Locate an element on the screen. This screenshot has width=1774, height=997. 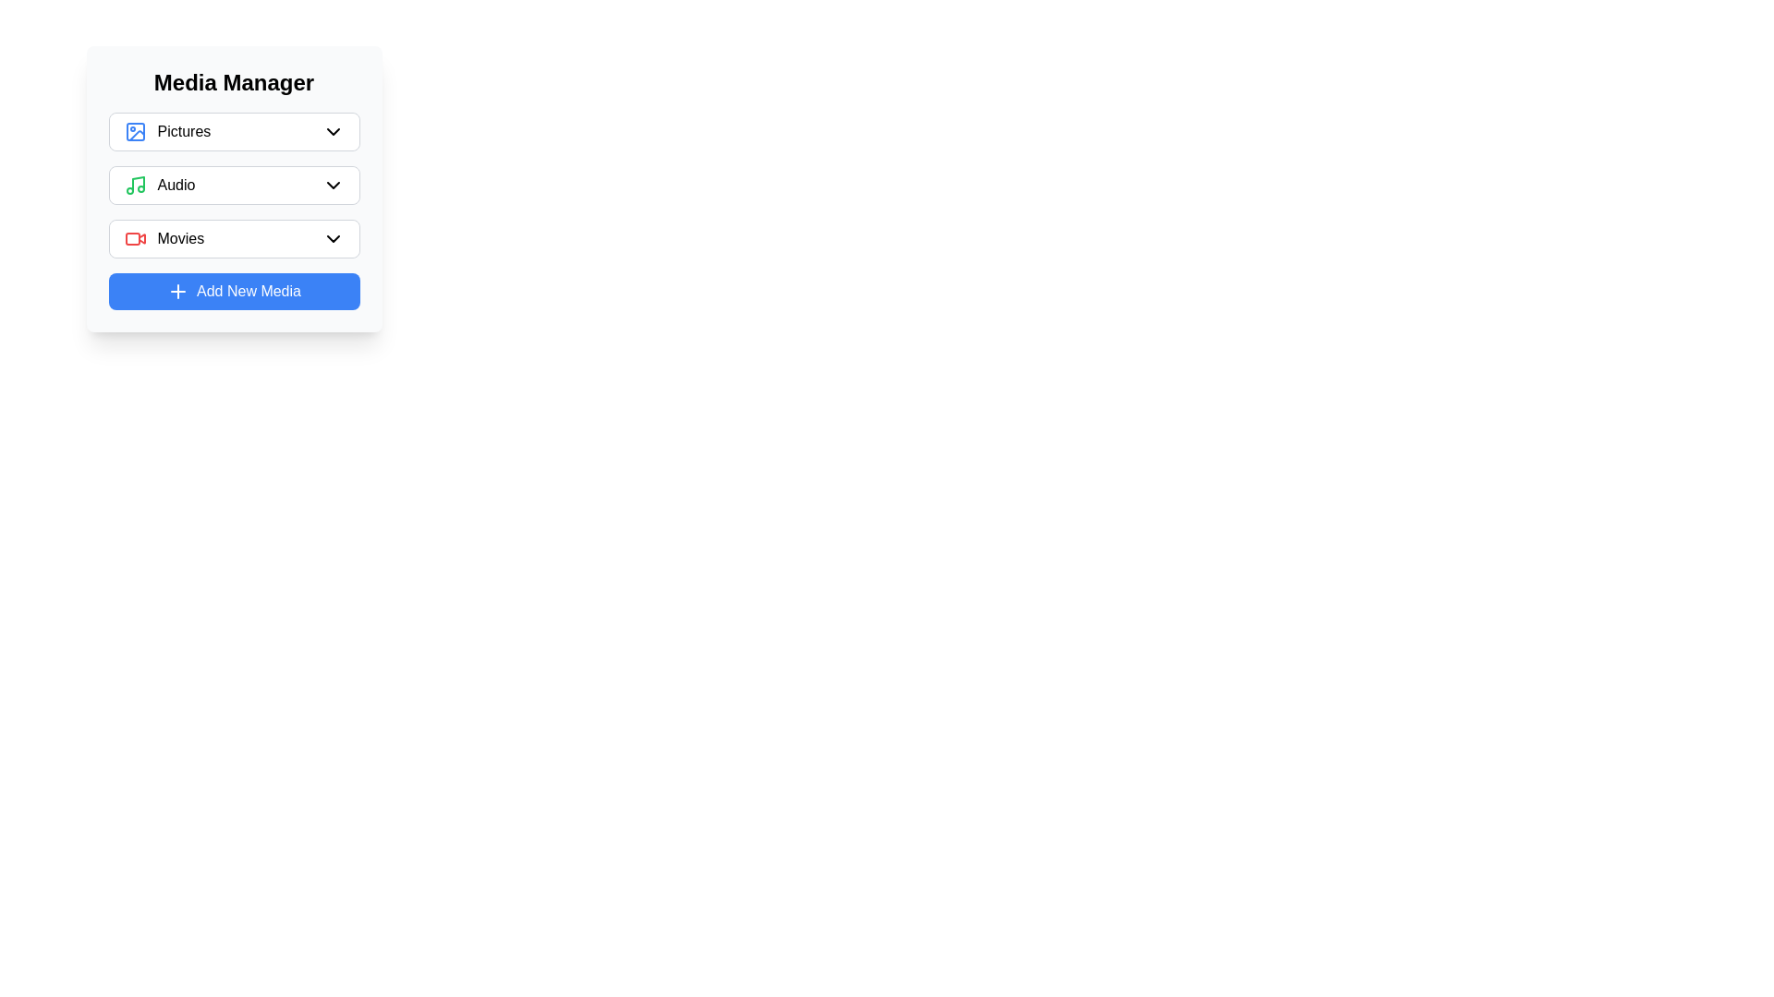
the second dropdown list item in the 'Media Manager' section is located at coordinates (233, 185).